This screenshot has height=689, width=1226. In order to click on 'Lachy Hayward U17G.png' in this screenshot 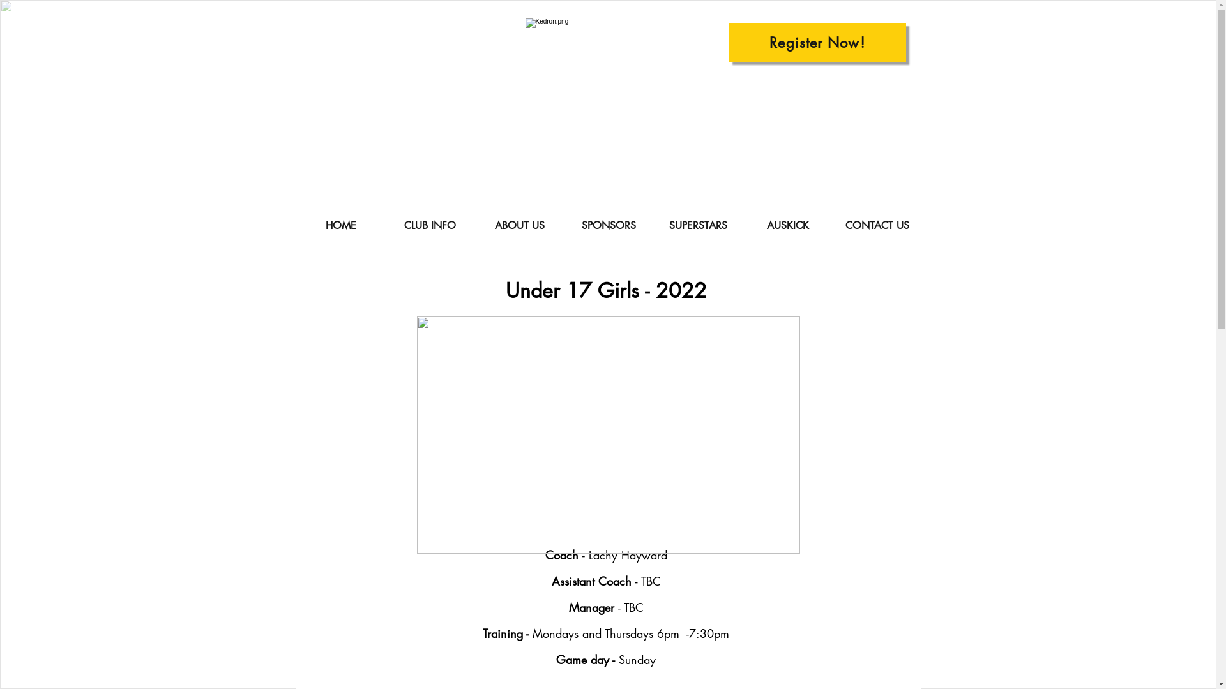, I will do `click(607, 434)`.